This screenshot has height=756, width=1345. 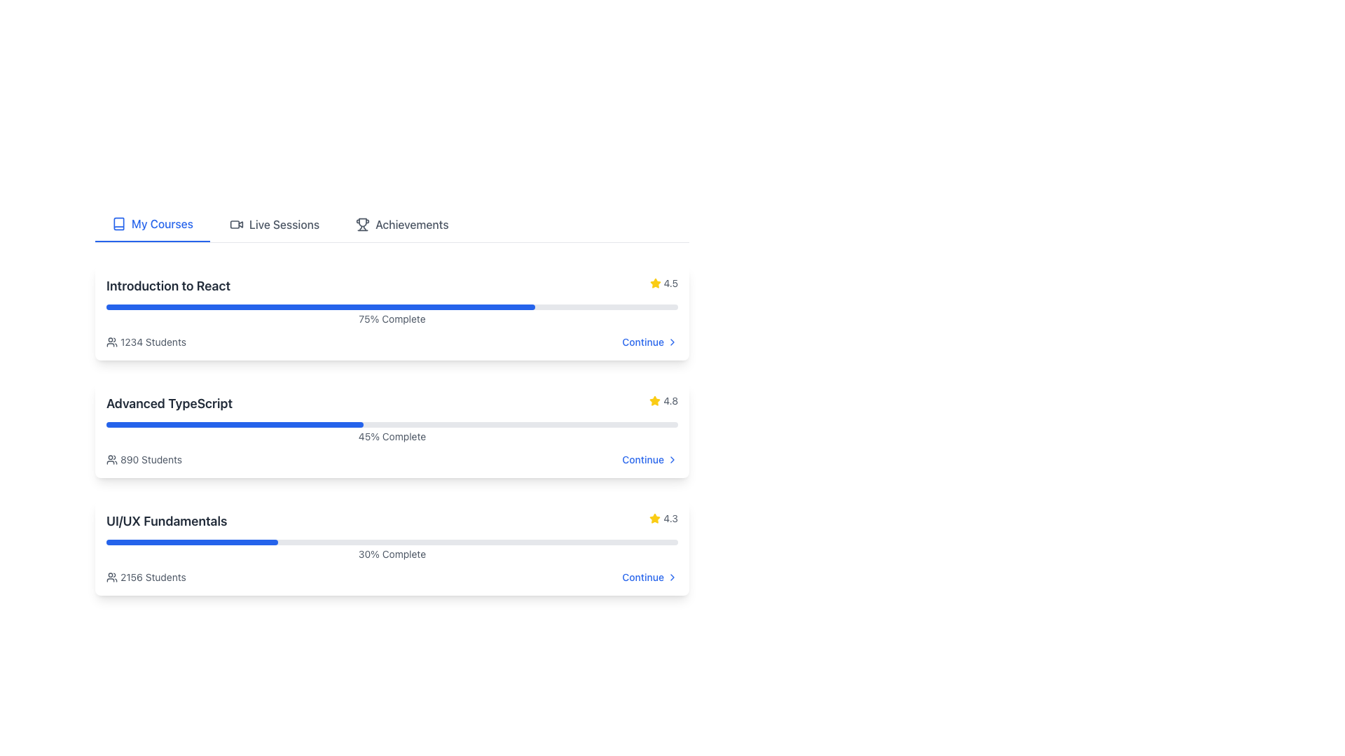 What do you see at coordinates (654, 401) in the screenshot?
I see `the star rating icon located in the upper-right corner of the second course card to interact with it` at bounding box center [654, 401].